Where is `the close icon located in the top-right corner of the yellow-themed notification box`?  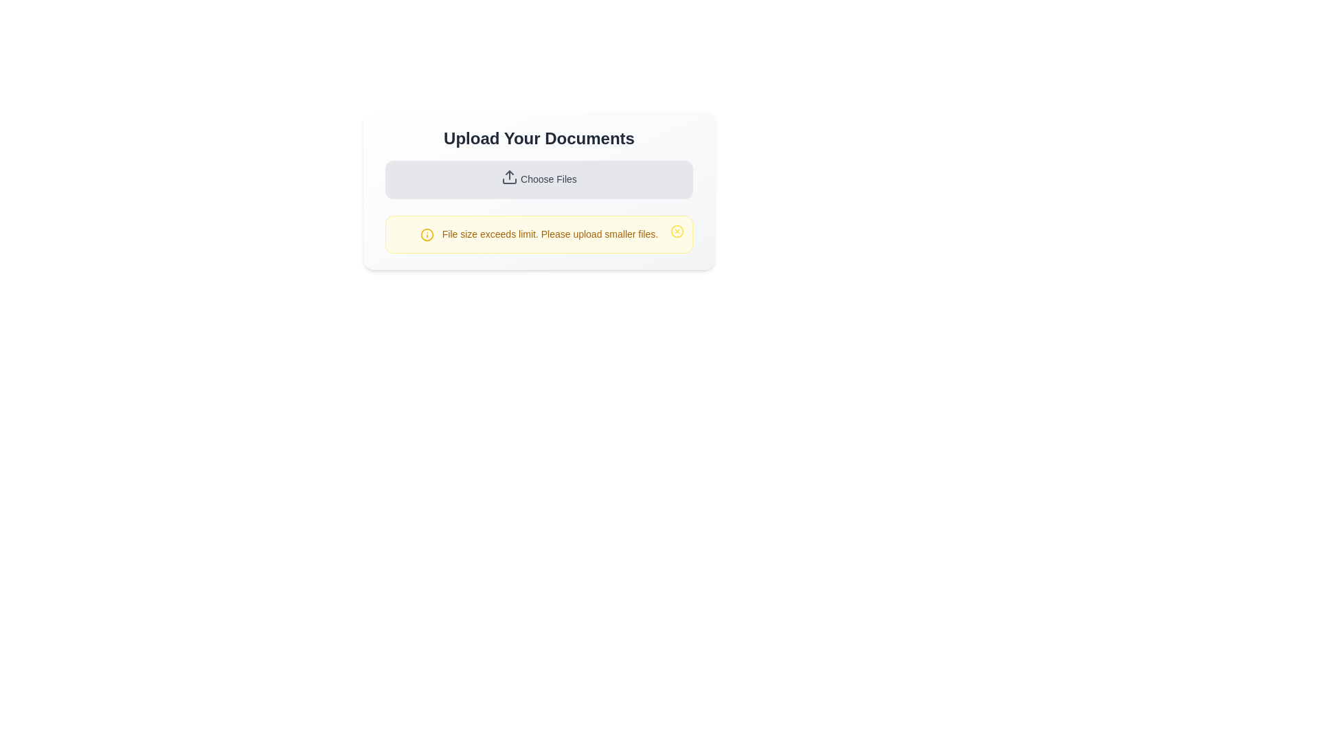 the close icon located in the top-right corner of the yellow-themed notification box is located at coordinates (677, 230).